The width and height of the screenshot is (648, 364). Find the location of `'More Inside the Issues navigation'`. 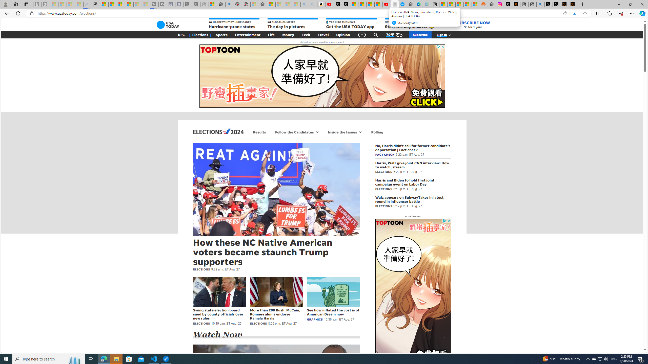

'More Inside the Issues navigation' is located at coordinates (360, 132).